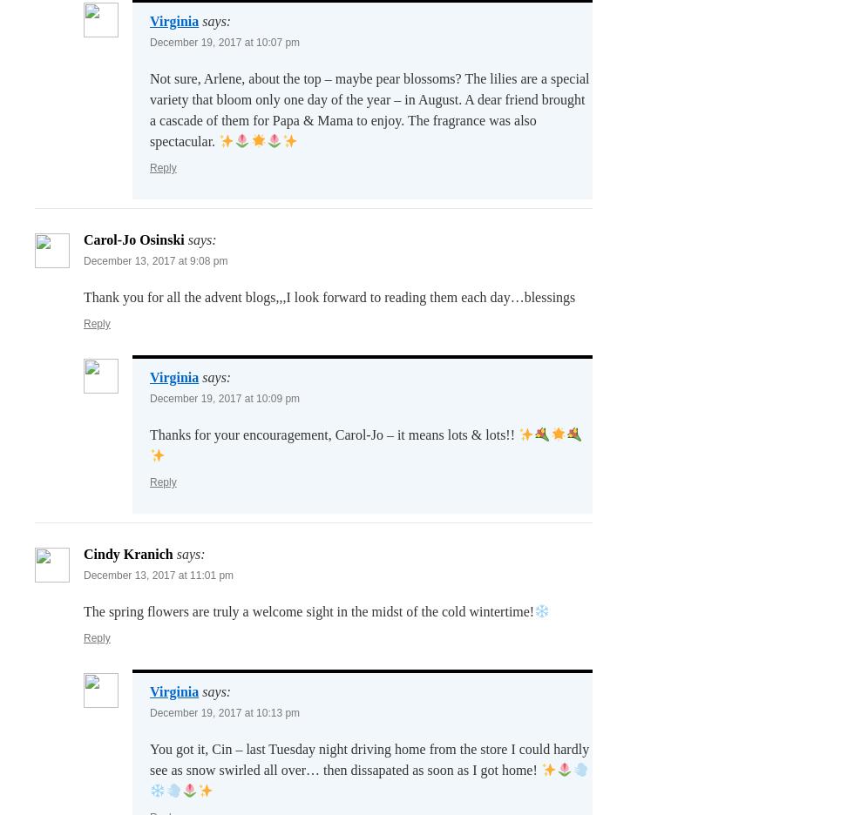 The image size is (854, 815). Describe the element at coordinates (155, 260) in the screenshot. I see `'December 13, 2017 at 9:08 pm'` at that location.